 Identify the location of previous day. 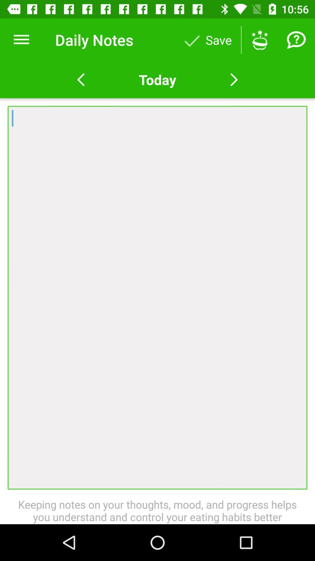
(81, 79).